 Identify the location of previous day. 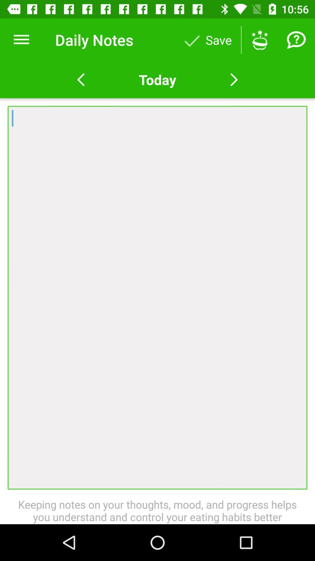
(81, 79).